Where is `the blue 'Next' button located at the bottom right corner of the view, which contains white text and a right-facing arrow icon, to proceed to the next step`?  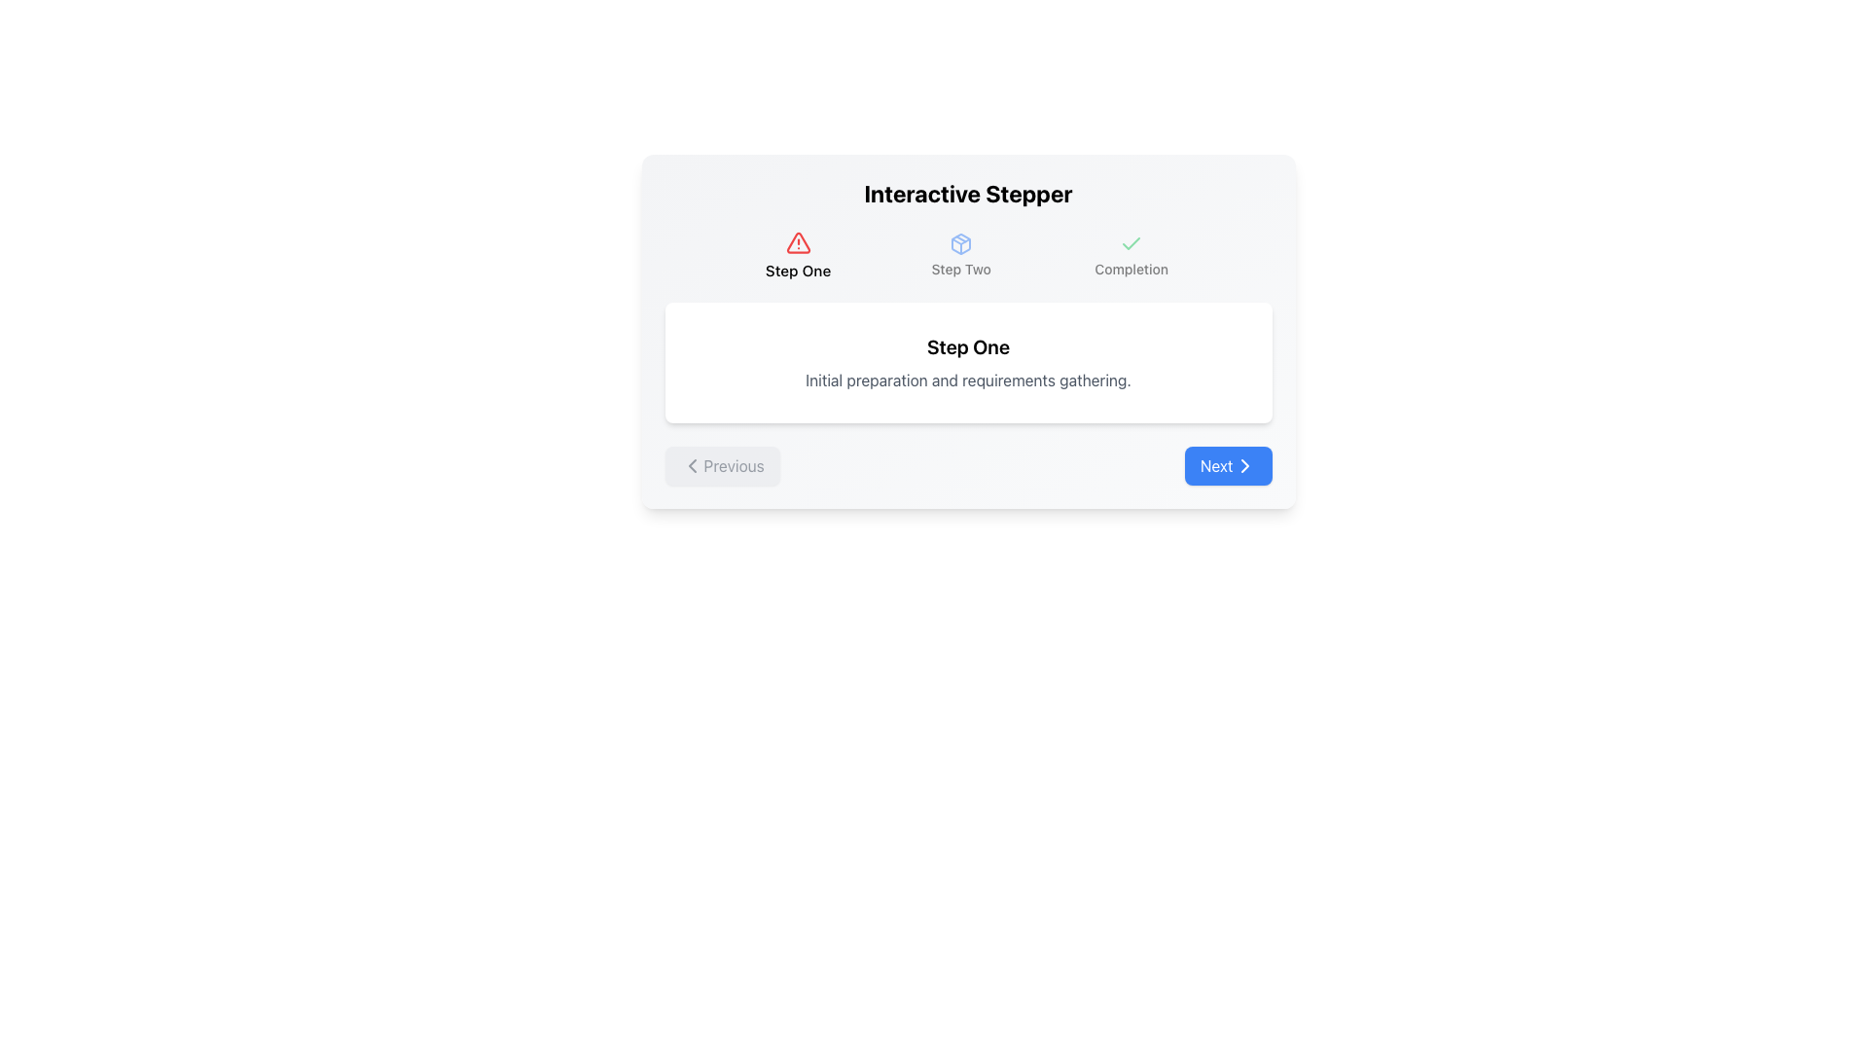 the blue 'Next' button located at the bottom right corner of the view, which contains white text and a right-facing arrow icon, to proceed to the next step is located at coordinates (1227, 465).